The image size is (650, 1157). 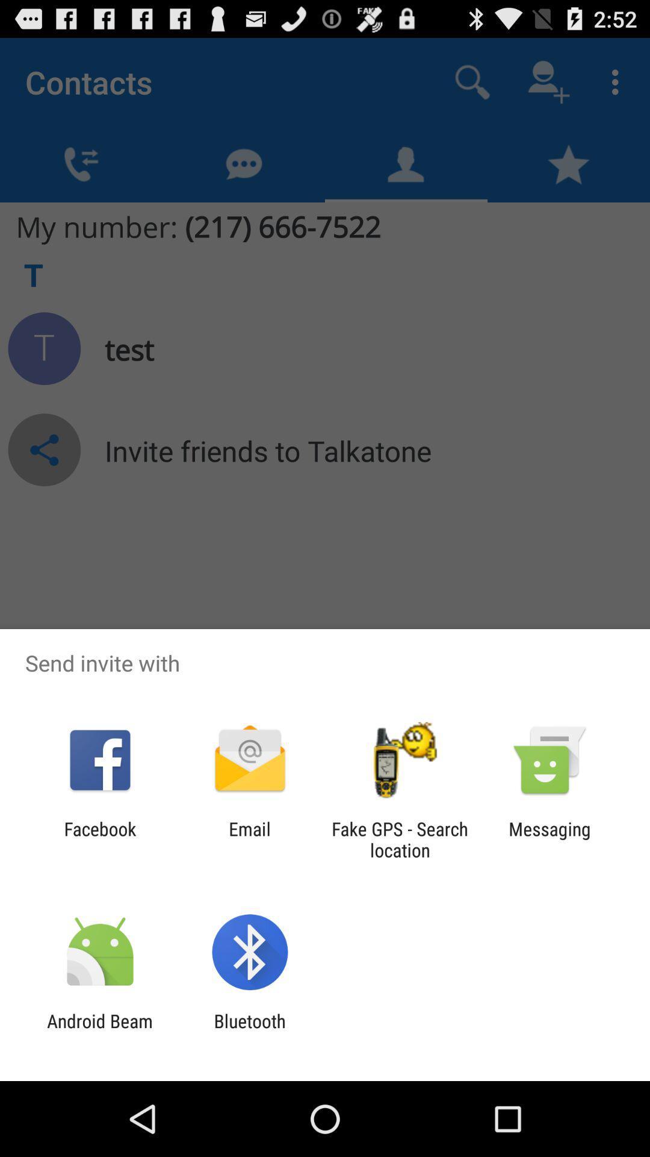 What do you see at coordinates (249, 839) in the screenshot?
I see `icon to the right of facebook` at bounding box center [249, 839].